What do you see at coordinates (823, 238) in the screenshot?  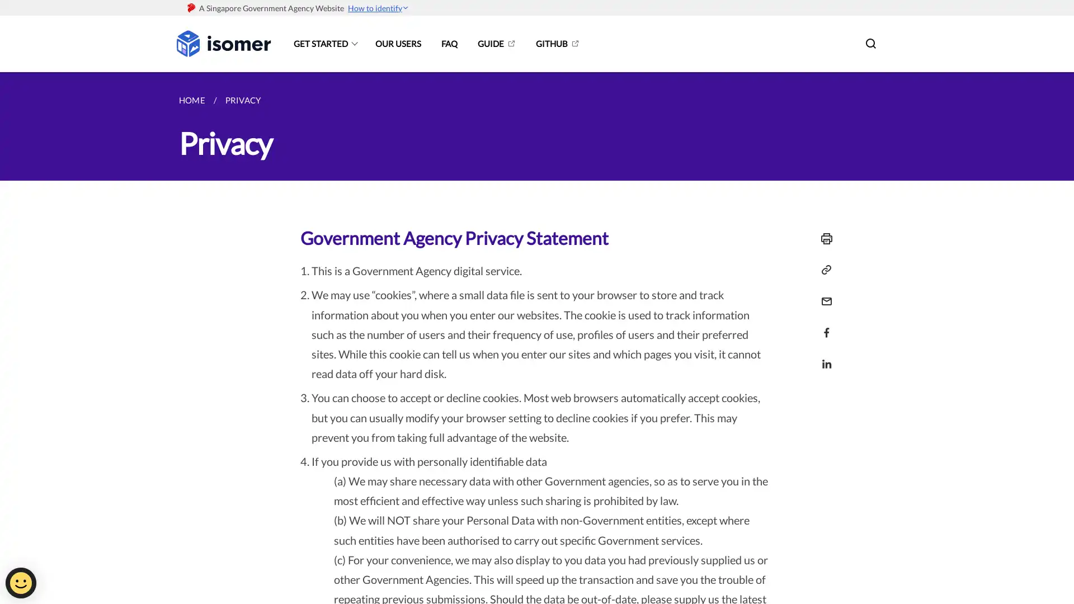 I see `Print` at bounding box center [823, 238].